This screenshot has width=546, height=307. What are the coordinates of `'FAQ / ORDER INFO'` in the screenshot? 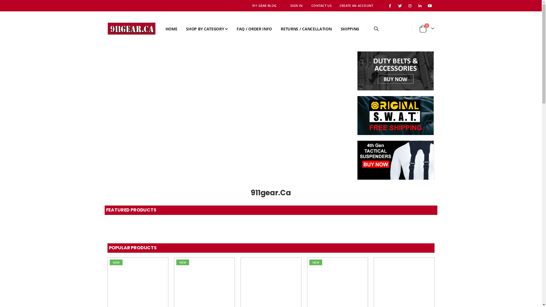 It's located at (231, 28).